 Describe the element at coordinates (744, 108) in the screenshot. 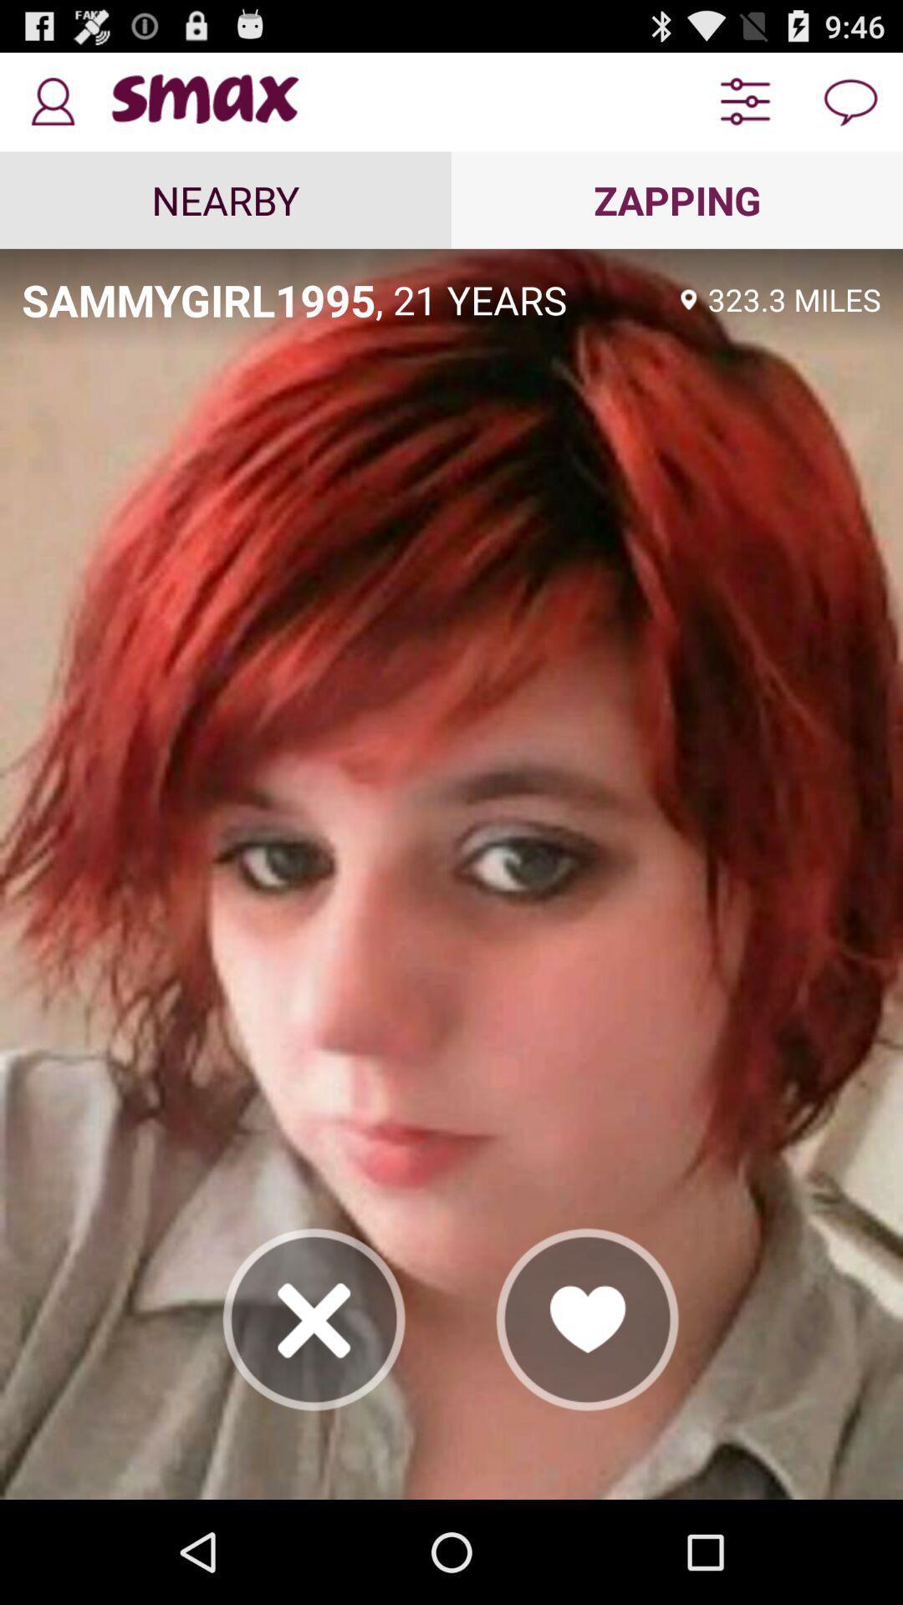

I see `the sliders icon` at that location.